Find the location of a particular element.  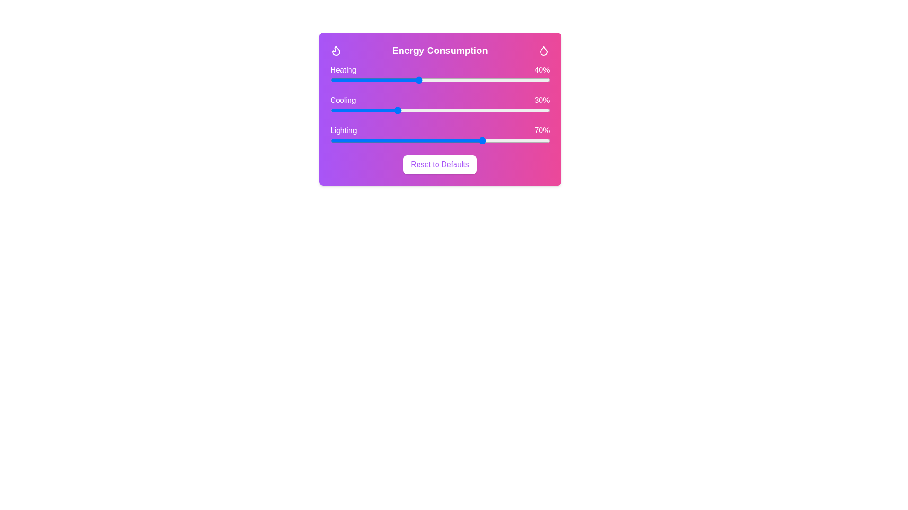

the 'Lighting' slider to set its value to 80 is located at coordinates (505, 140).